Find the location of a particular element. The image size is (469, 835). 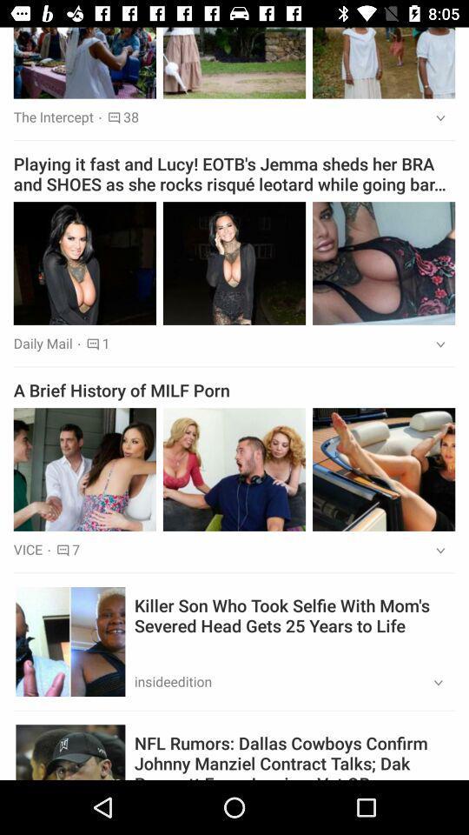

icon below killer son who is located at coordinates (432, 683).